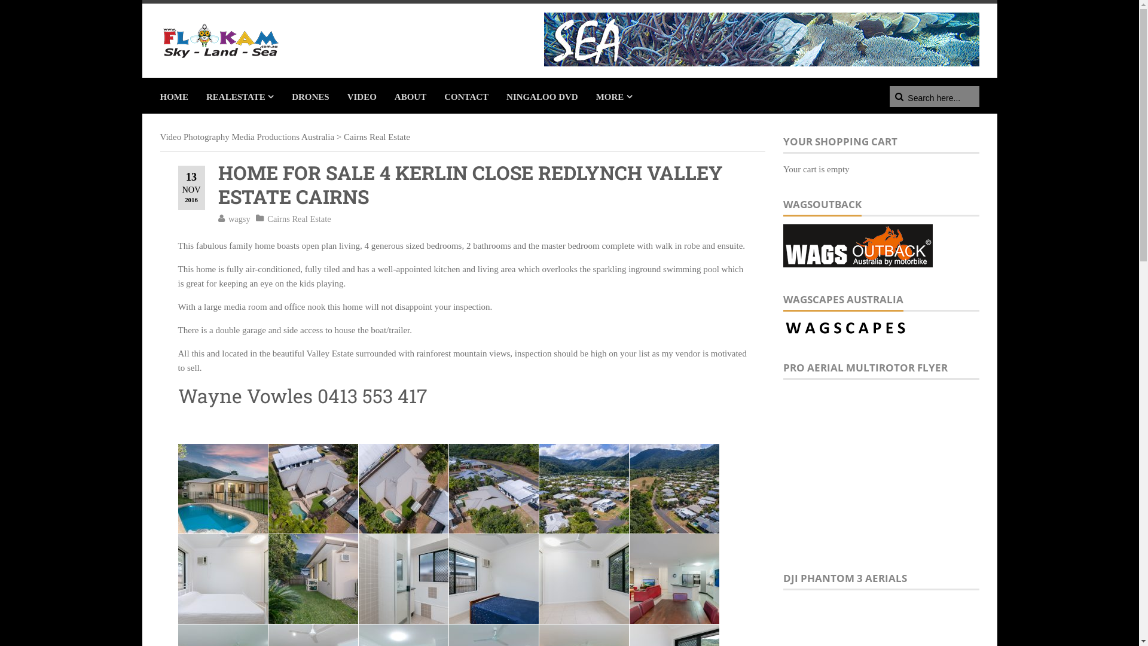 Image resolution: width=1148 pixels, height=646 pixels. What do you see at coordinates (191, 187) in the screenshot?
I see `'13` at bounding box center [191, 187].